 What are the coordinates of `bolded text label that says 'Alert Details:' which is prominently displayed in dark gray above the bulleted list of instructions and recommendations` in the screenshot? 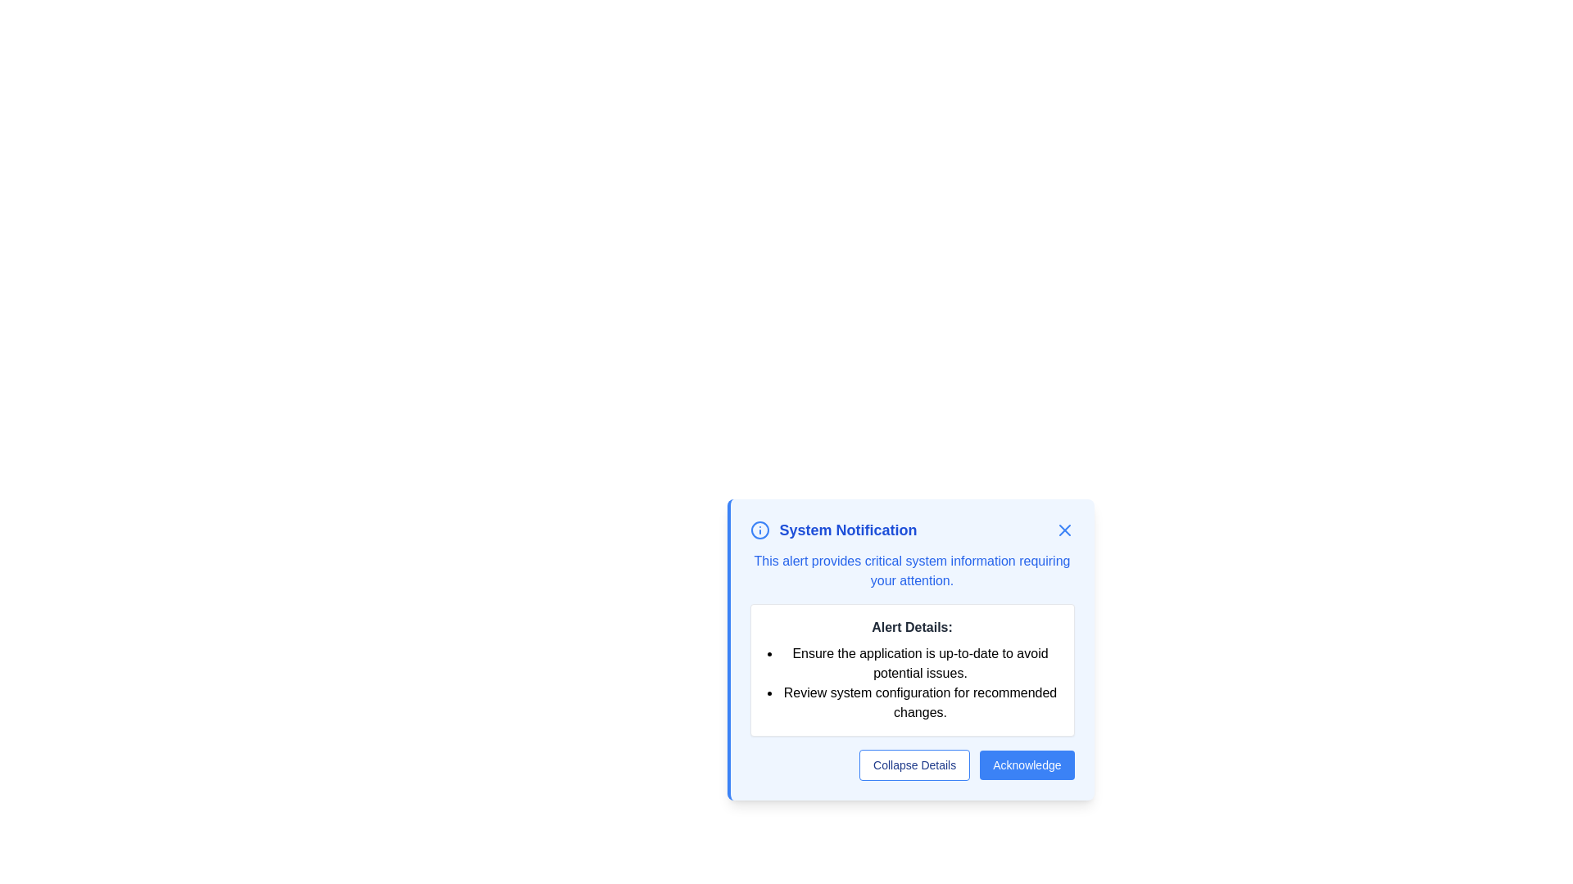 It's located at (911, 627).